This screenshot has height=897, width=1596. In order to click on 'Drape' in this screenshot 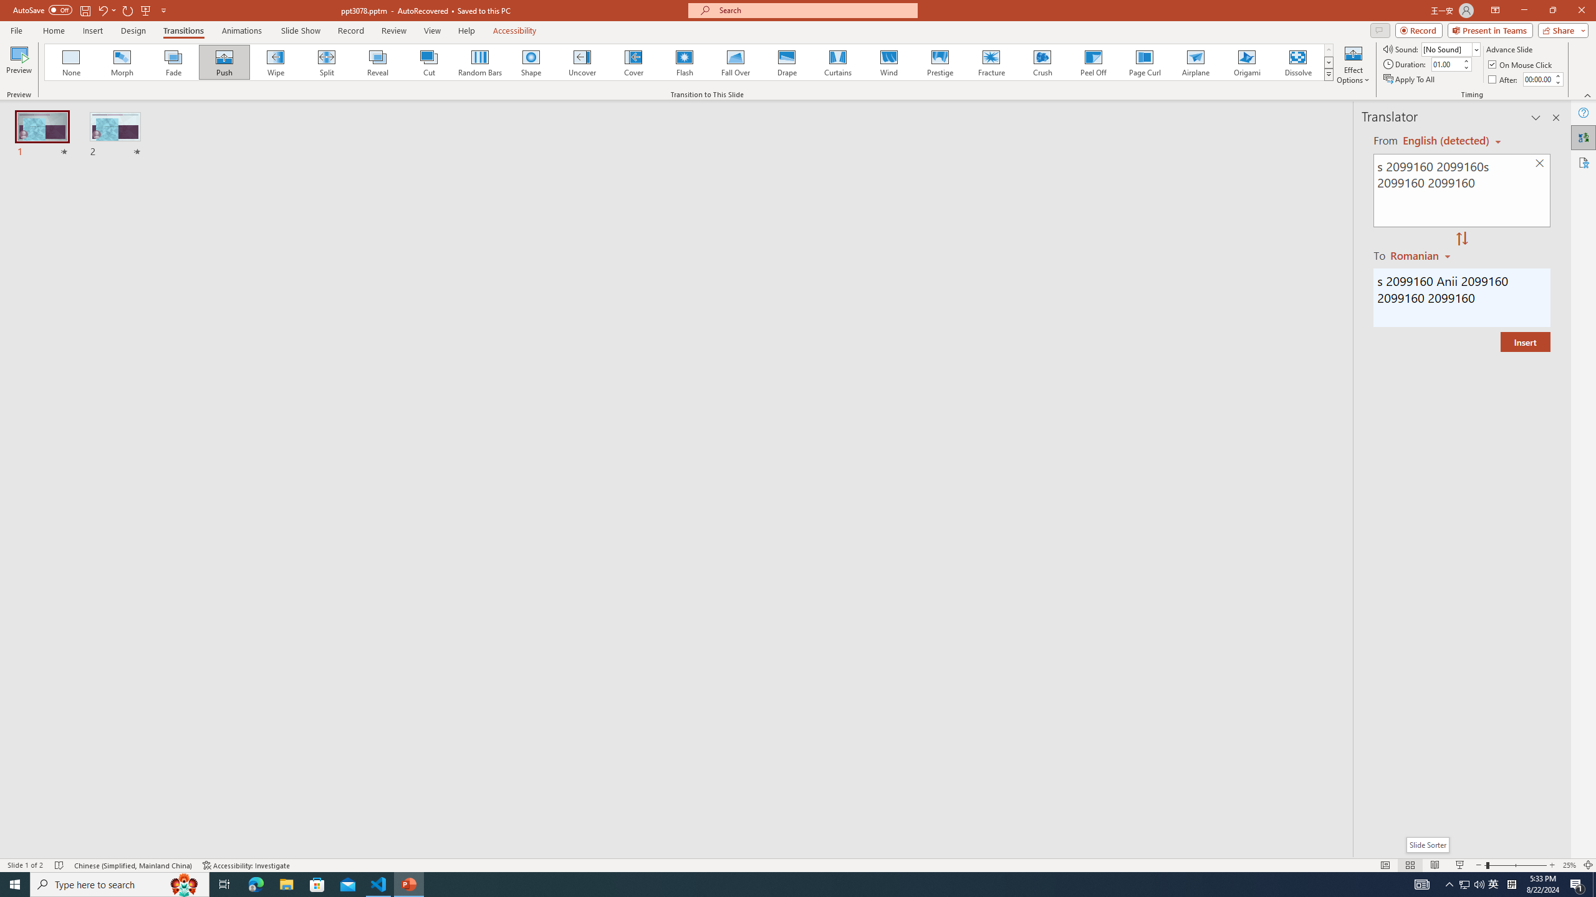, I will do `click(786, 62)`.